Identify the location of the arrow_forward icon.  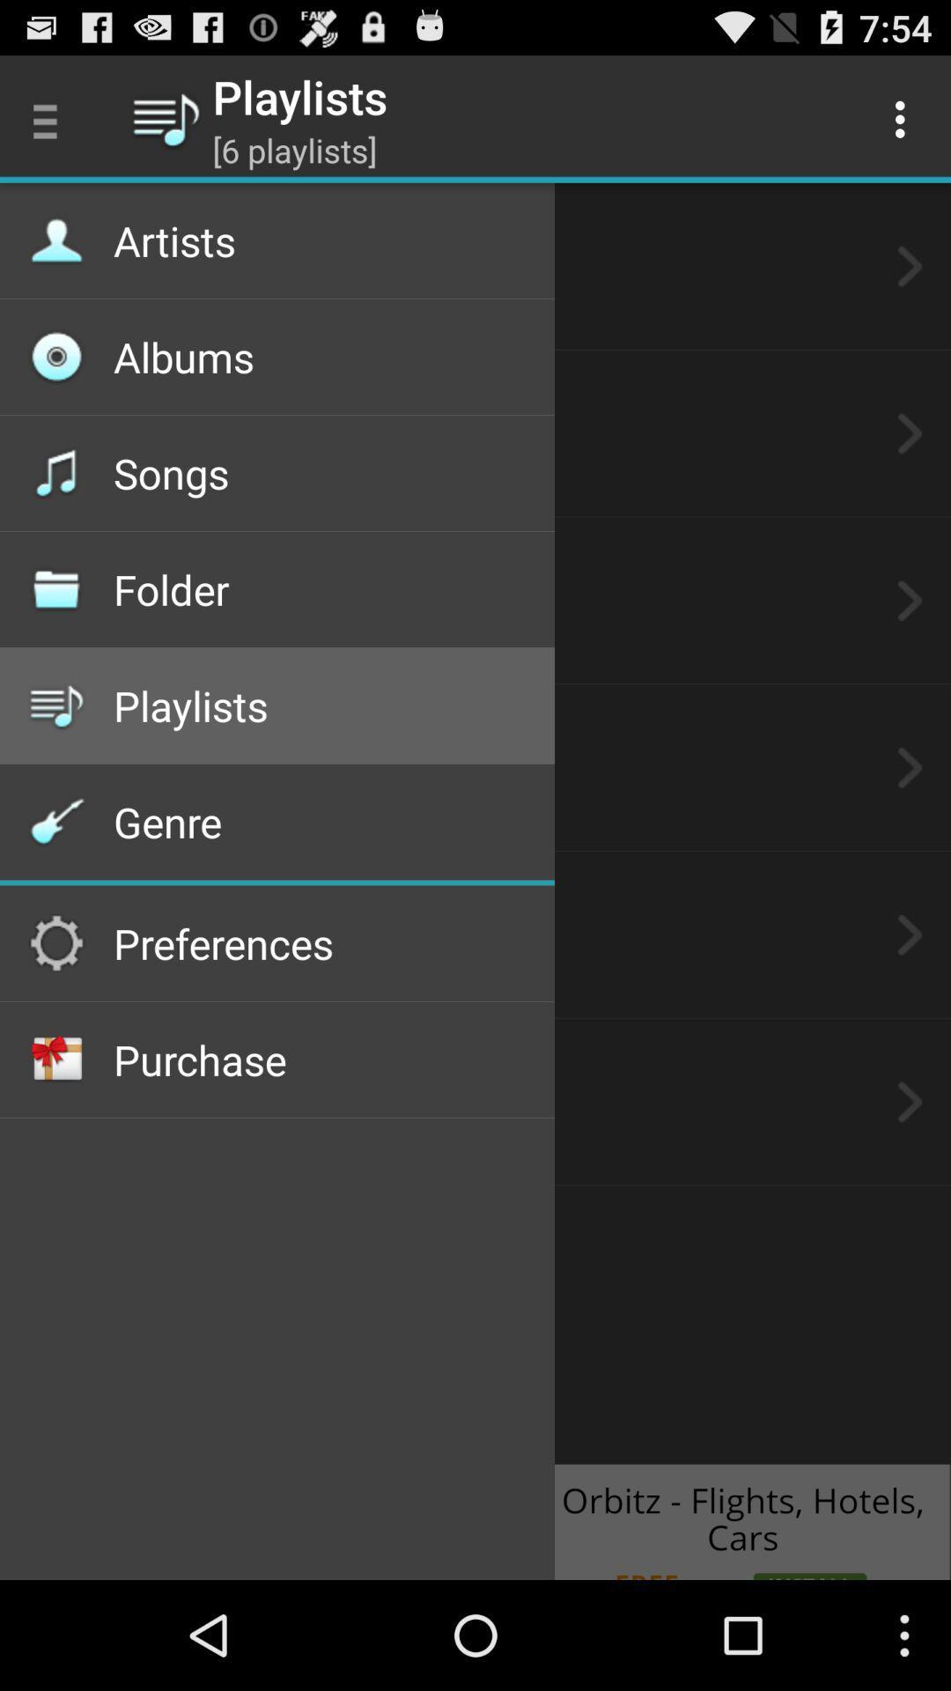
(874, 463).